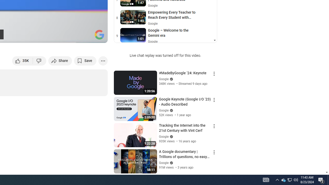 The width and height of the screenshot is (329, 185). Describe the element at coordinates (214, 152) in the screenshot. I see `'Action menu'` at that location.